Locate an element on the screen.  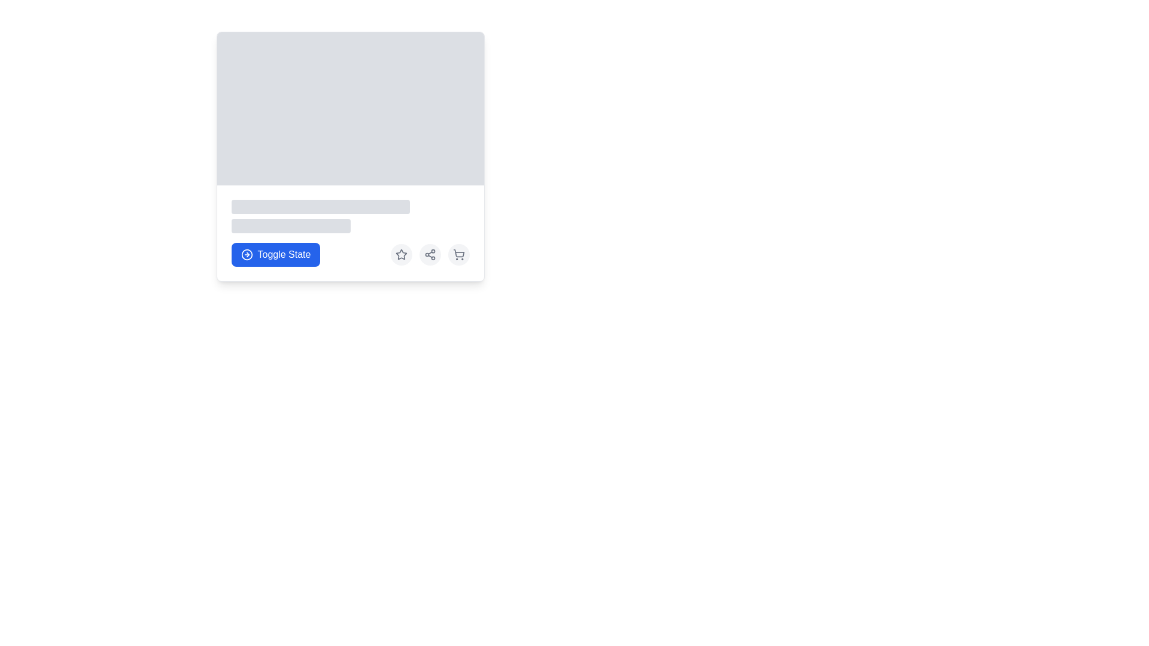
the circular button with a pale-gray background and shopping cart icon, which is the rightmost button in a row of five buttons located below a card interface, to observe its interaction effect is located at coordinates (458, 254).